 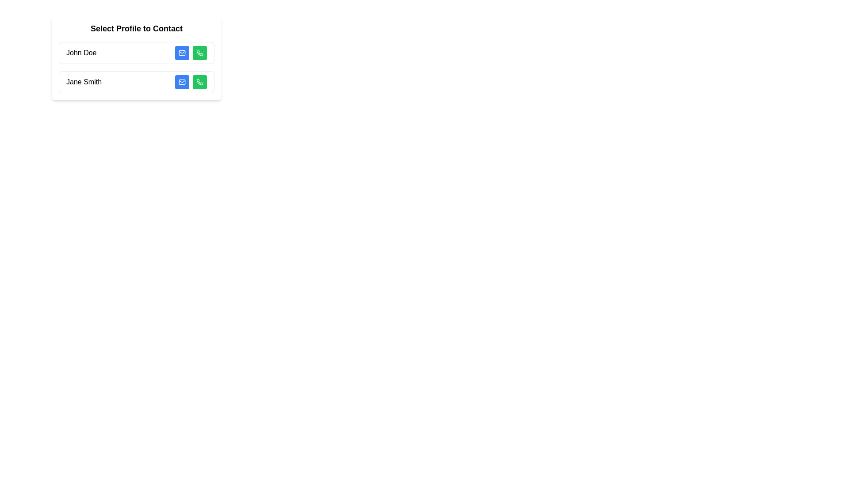 What do you see at coordinates (182, 82) in the screenshot?
I see `the button that initiates a mail or messaging action for 'Jane Smith', located next to a green button in the profile card` at bounding box center [182, 82].